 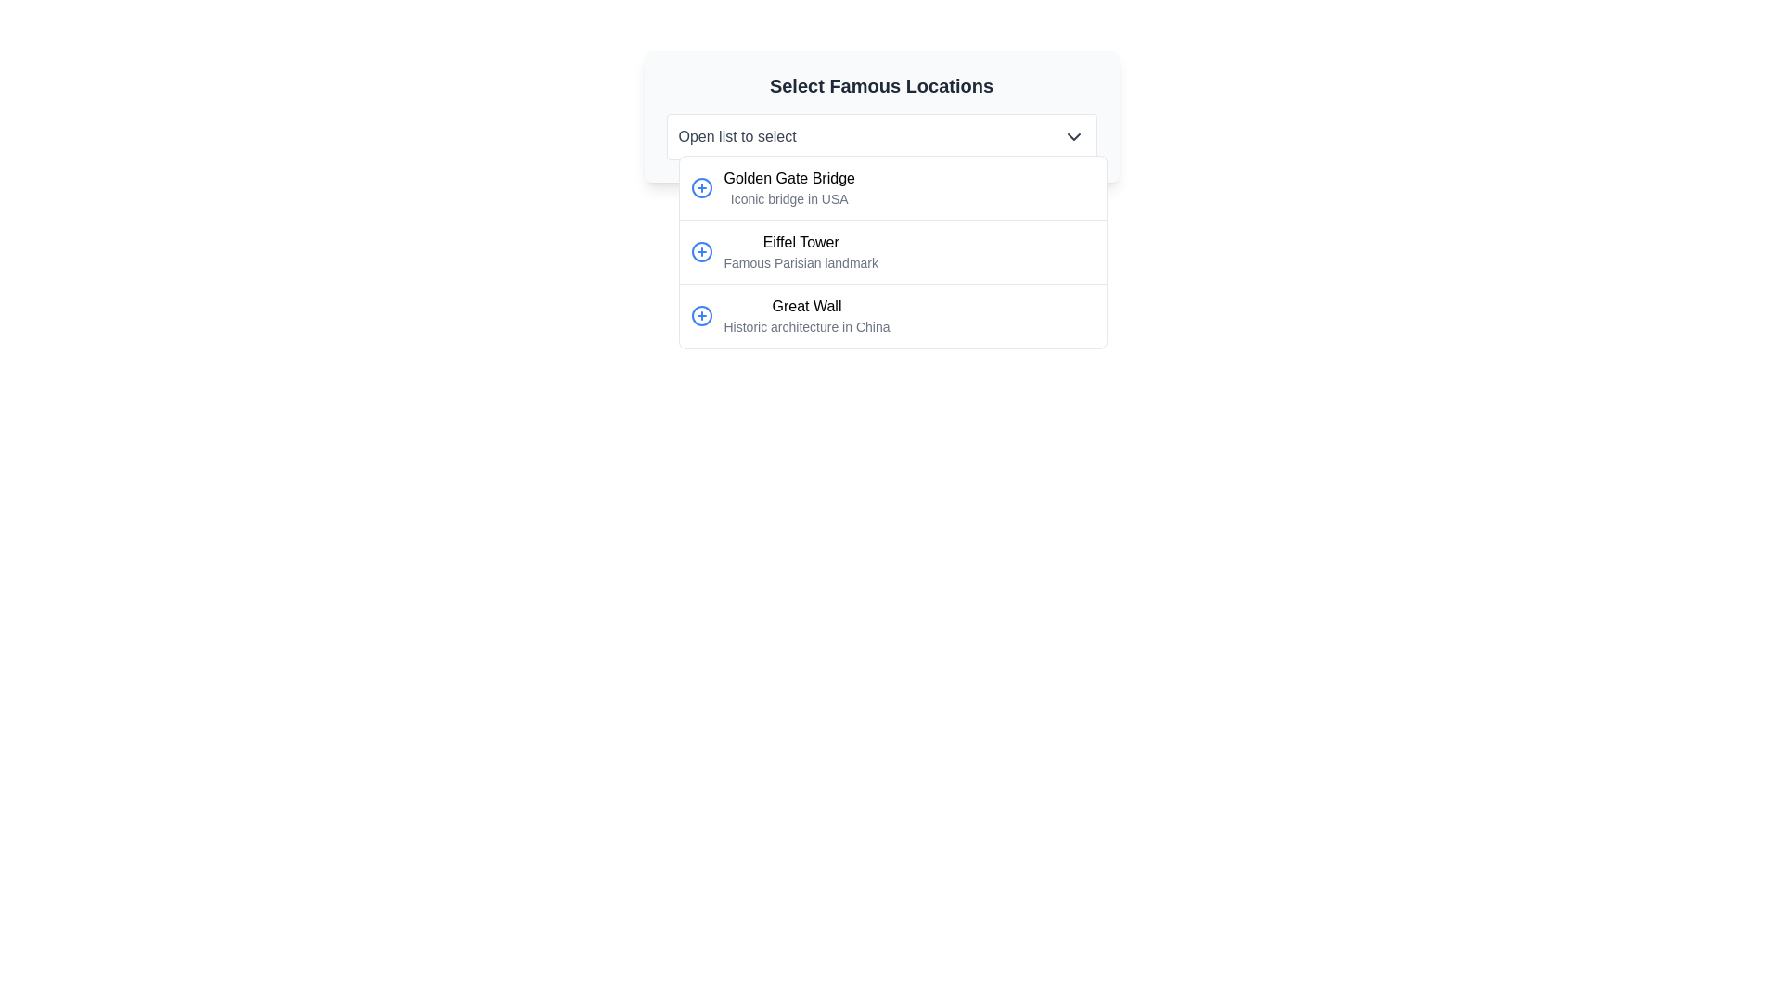 What do you see at coordinates (806, 314) in the screenshot?
I see `the text label that says 'Great Wall' which is the third entry in a vertical list of famous locations for more information` at bounding box center [806, 314].